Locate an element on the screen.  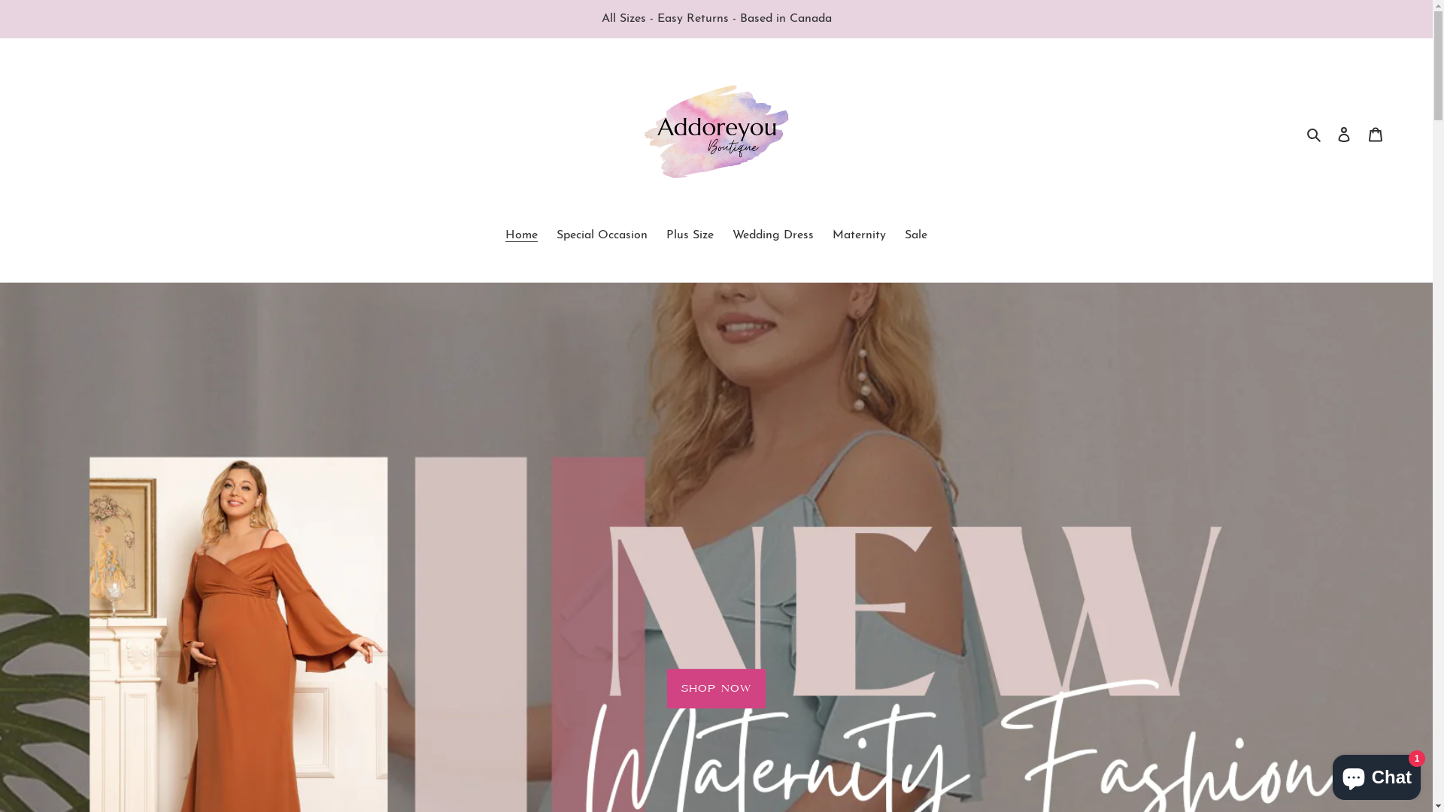
'Maternity' is located at coordinates (824, 236).